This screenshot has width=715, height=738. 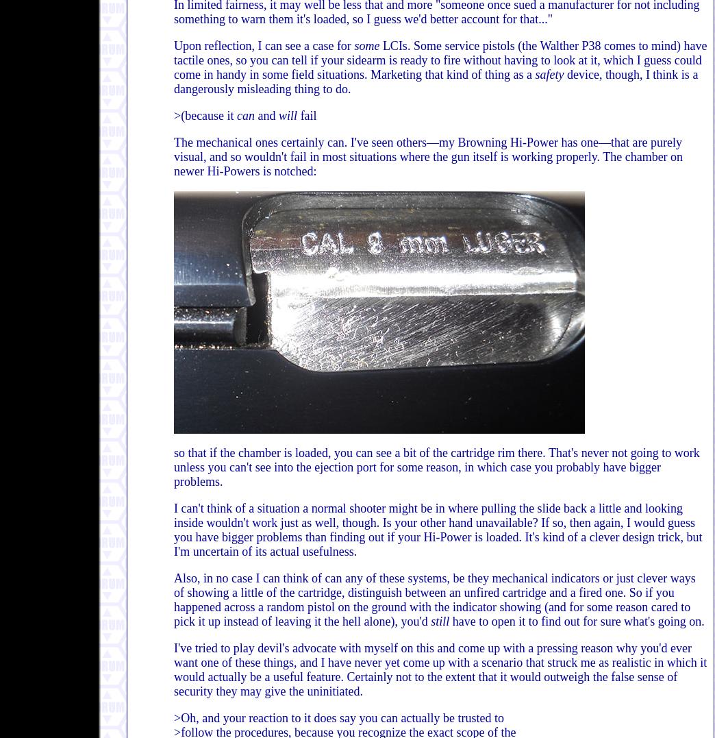 I want to click on 'and', so click(x=254, y=114).